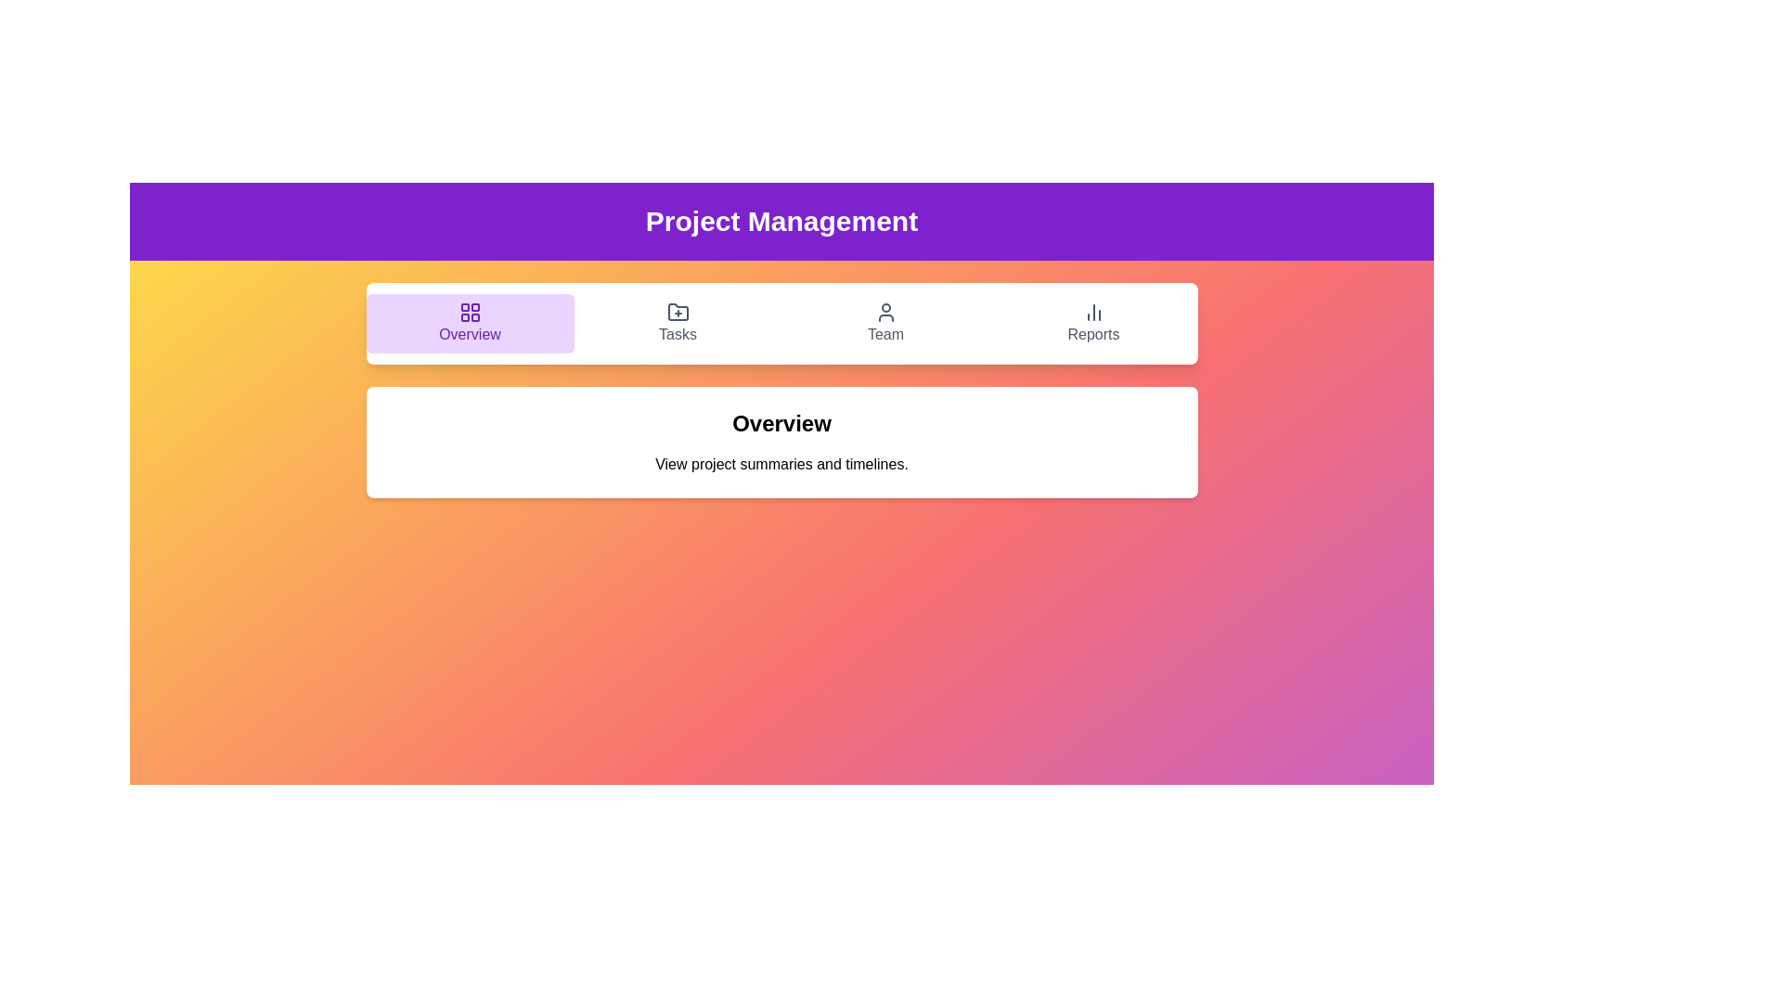 Image resolution: width=1782 pixels, height=1002 pixels. I want to click on the tab labeled Tasks to navigate to the corresponding section, so click(677, 322).